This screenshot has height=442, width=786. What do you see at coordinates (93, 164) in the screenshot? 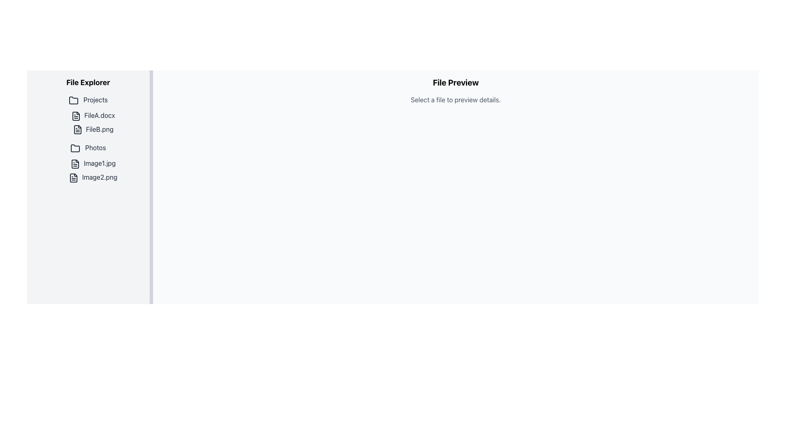
I see `the first selectable list item representing the file 'Image1.jpg' located` at bounding box center [93, 164].